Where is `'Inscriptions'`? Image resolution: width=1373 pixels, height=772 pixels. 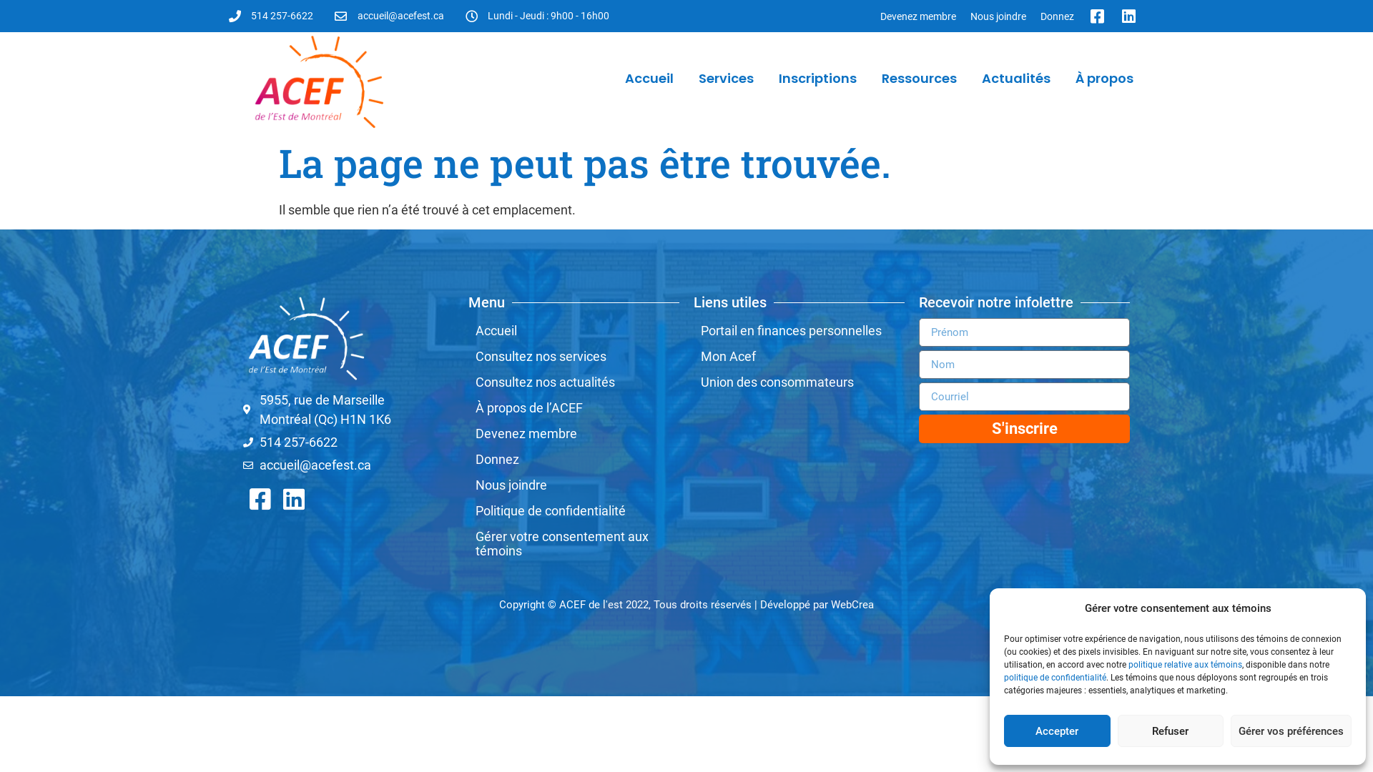
'Inscriptions' is located at coordinates (817, 79).